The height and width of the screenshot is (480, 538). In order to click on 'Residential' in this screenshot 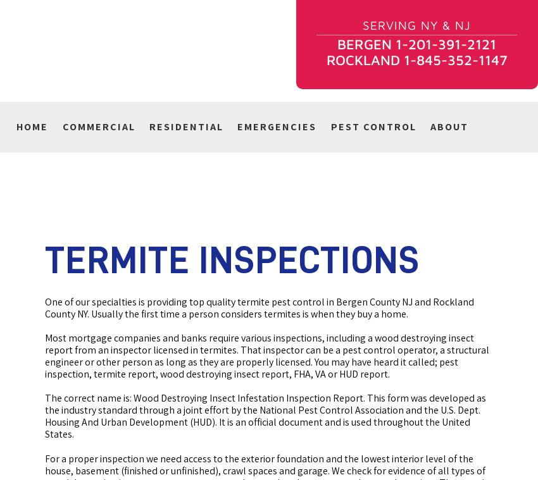, I will do `click(185, 126)`.